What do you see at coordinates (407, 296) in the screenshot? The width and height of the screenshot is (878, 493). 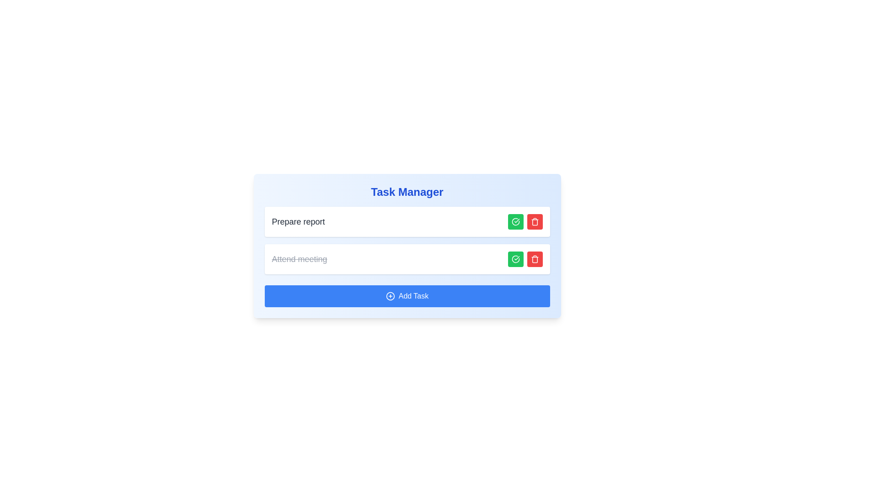 I see `the 'Add Task' button located at the bottom of the 'Task Manager' panel to initiate adding a task` at bounding box center [407, 296].